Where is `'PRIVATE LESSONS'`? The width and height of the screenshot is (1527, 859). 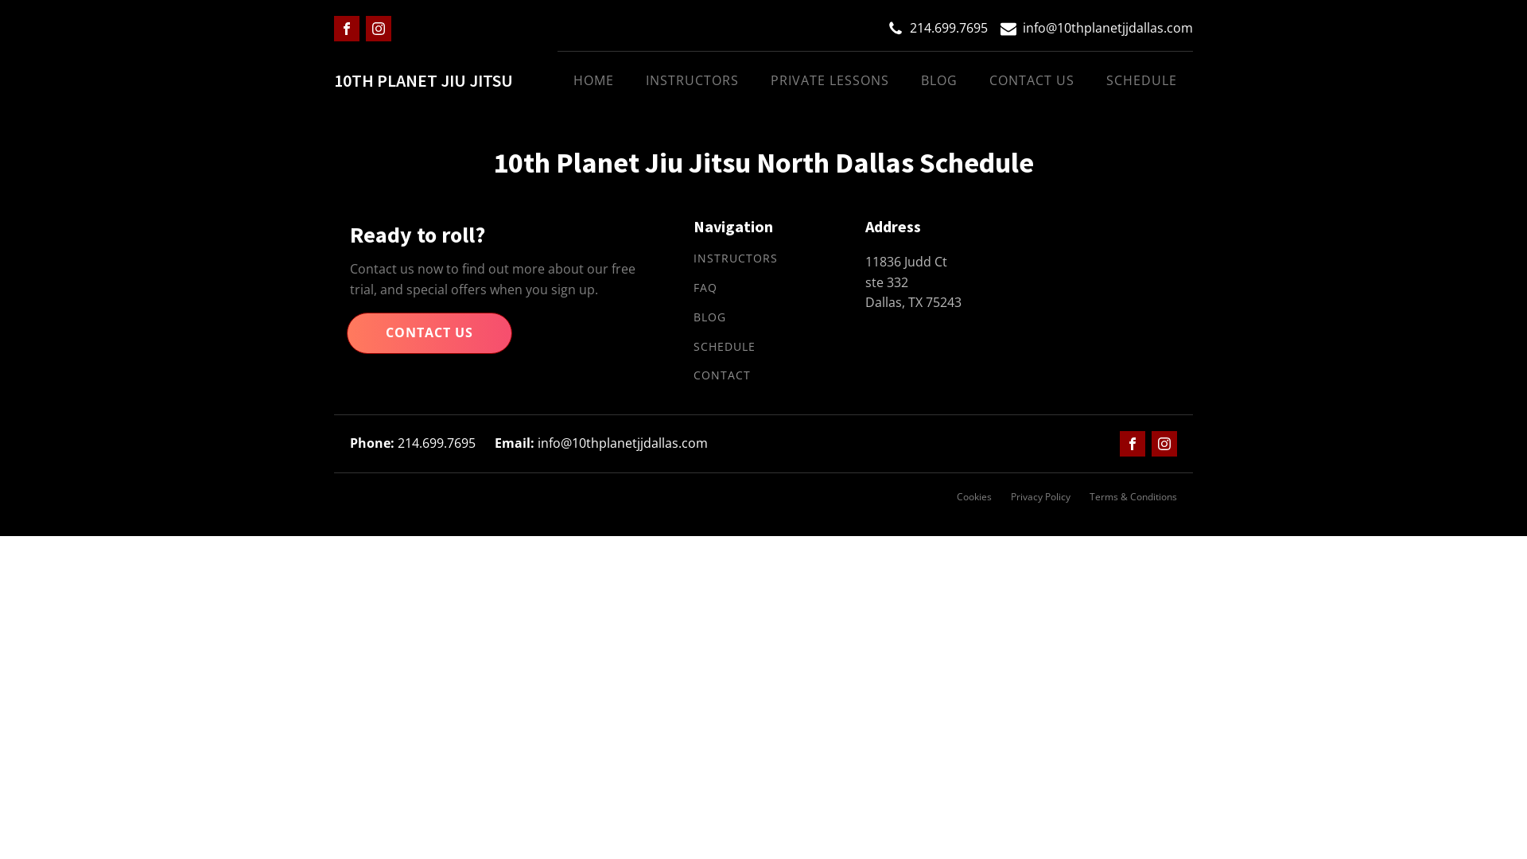
'PRIVATE LESSONS' is located at coordinates (829, 80).